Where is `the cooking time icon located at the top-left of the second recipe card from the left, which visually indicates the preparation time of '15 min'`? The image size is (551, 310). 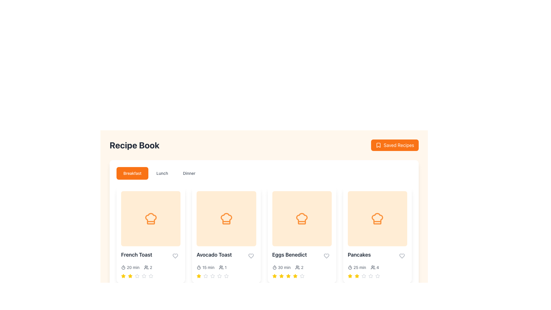 the cooking time icon located at the top-left of the second recipe card from the left, which visually indicates the preparation time of '15 min' is located at coordinates (199, 268).